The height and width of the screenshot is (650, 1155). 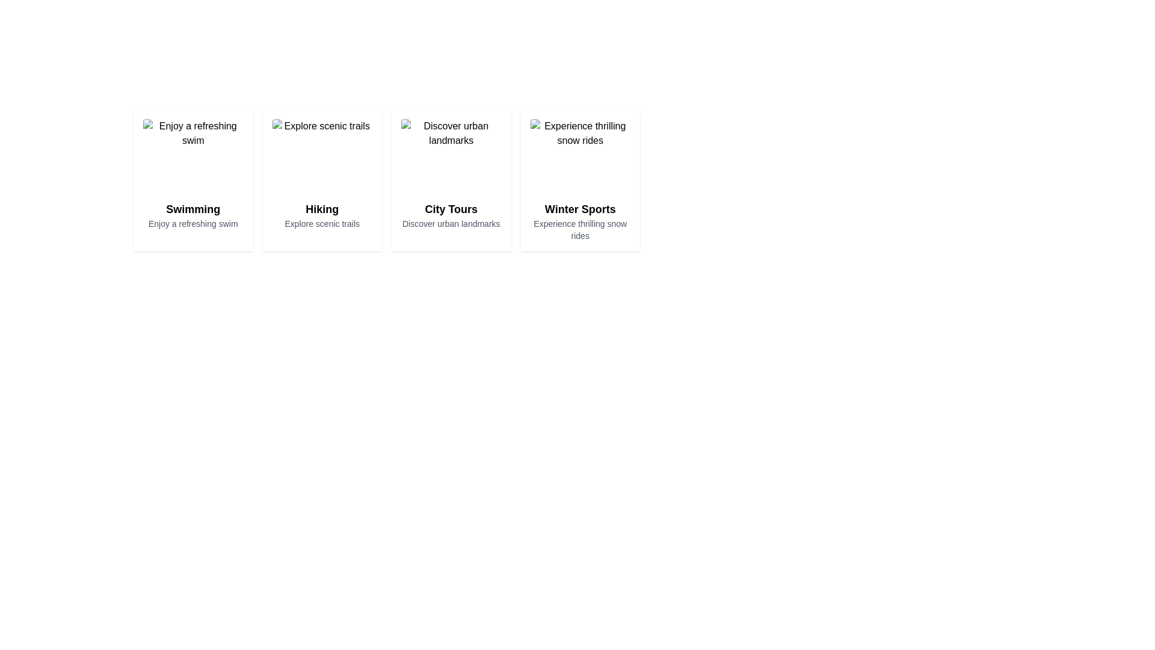 I want to click on title text located in the middle of the third card in a horizontally aligned grid of four cards, so click(x=451, y=208).